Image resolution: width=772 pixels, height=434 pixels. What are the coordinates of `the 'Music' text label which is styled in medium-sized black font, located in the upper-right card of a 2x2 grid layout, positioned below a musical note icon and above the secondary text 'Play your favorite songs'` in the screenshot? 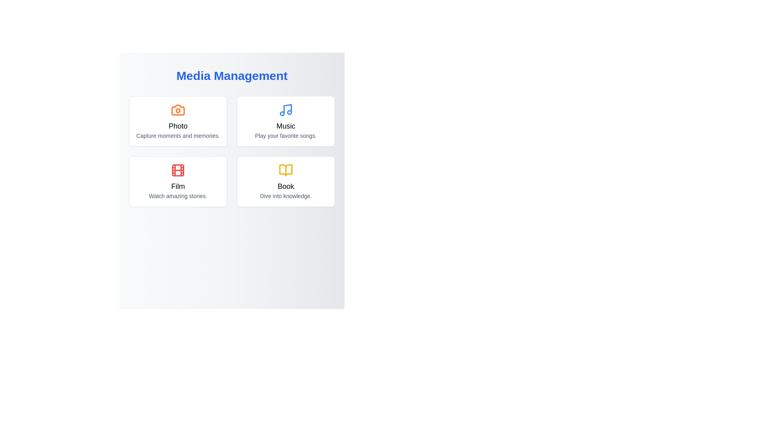 It's located at (285, 126).